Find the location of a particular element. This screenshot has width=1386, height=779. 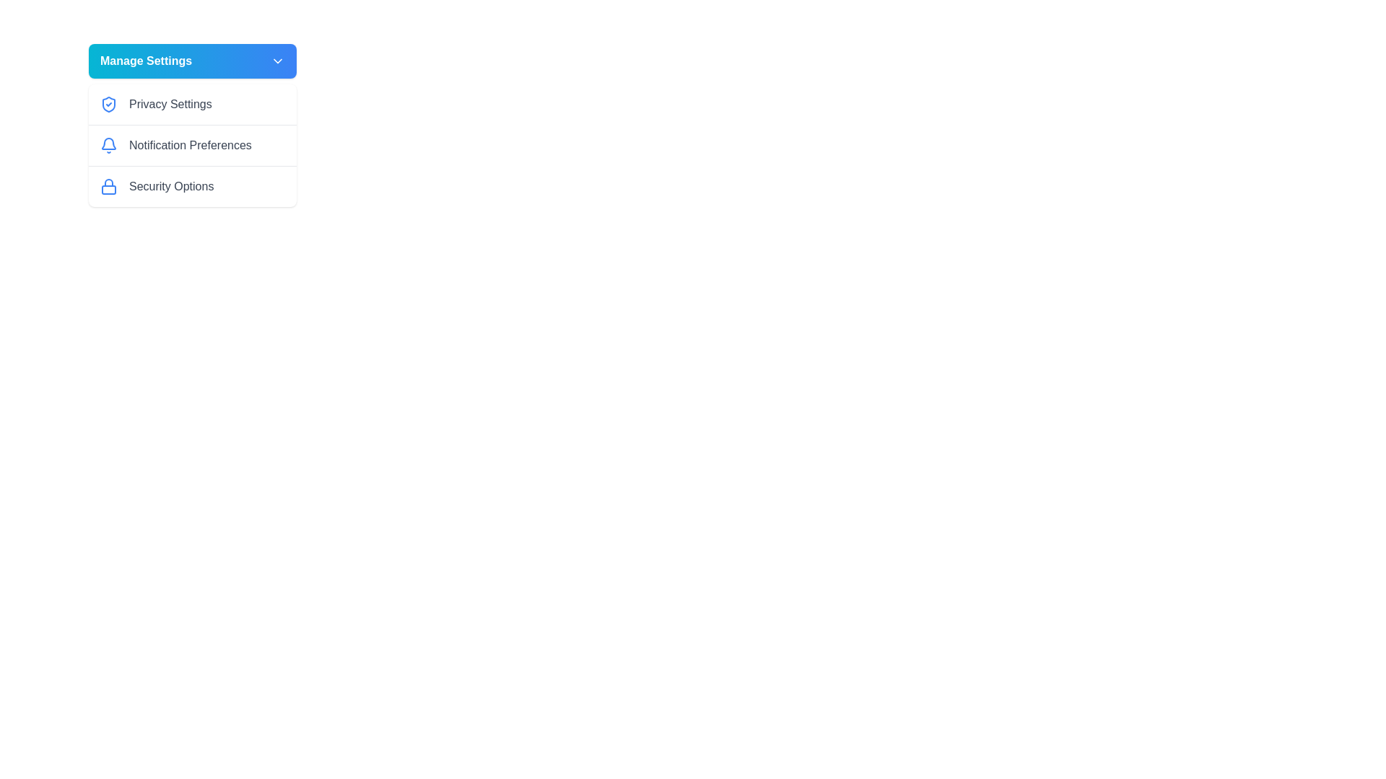

the chevron icon located to the right of the 'Manage Settings' text is located at coordinates (277, 60).